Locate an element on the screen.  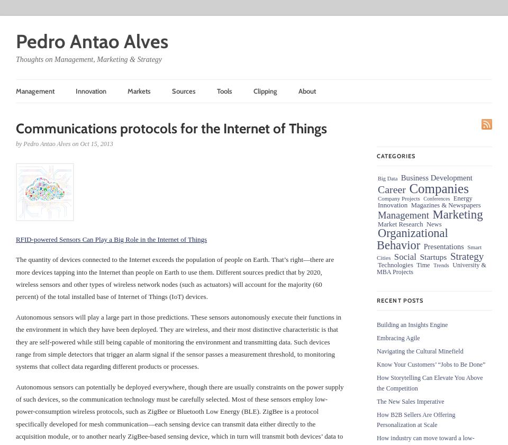
'The quantity of devices connected to the Internet exceeds the population of people on Earth. That’s right—there are more devices tapping into the Internet than people on Earth to use them. Different sources predict that by 2020, wireless sensors and other types of wireless network nodes (such as actuators) will account for the majority (60 percent) of the total installed base of Internet of Things (IoT) devices.' is located at coordinates (175, 278).